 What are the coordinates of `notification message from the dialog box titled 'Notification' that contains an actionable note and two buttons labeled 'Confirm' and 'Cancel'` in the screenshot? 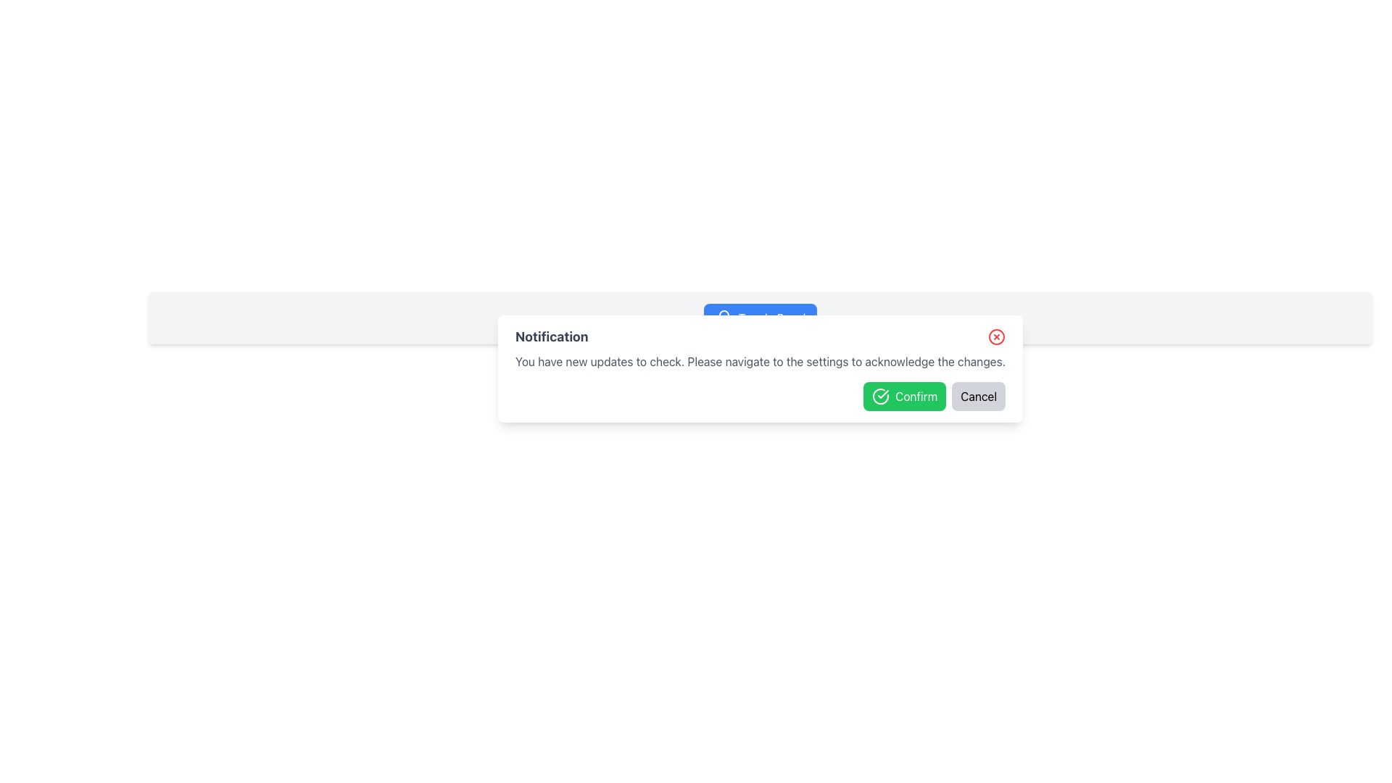 It's located at (760, 368).